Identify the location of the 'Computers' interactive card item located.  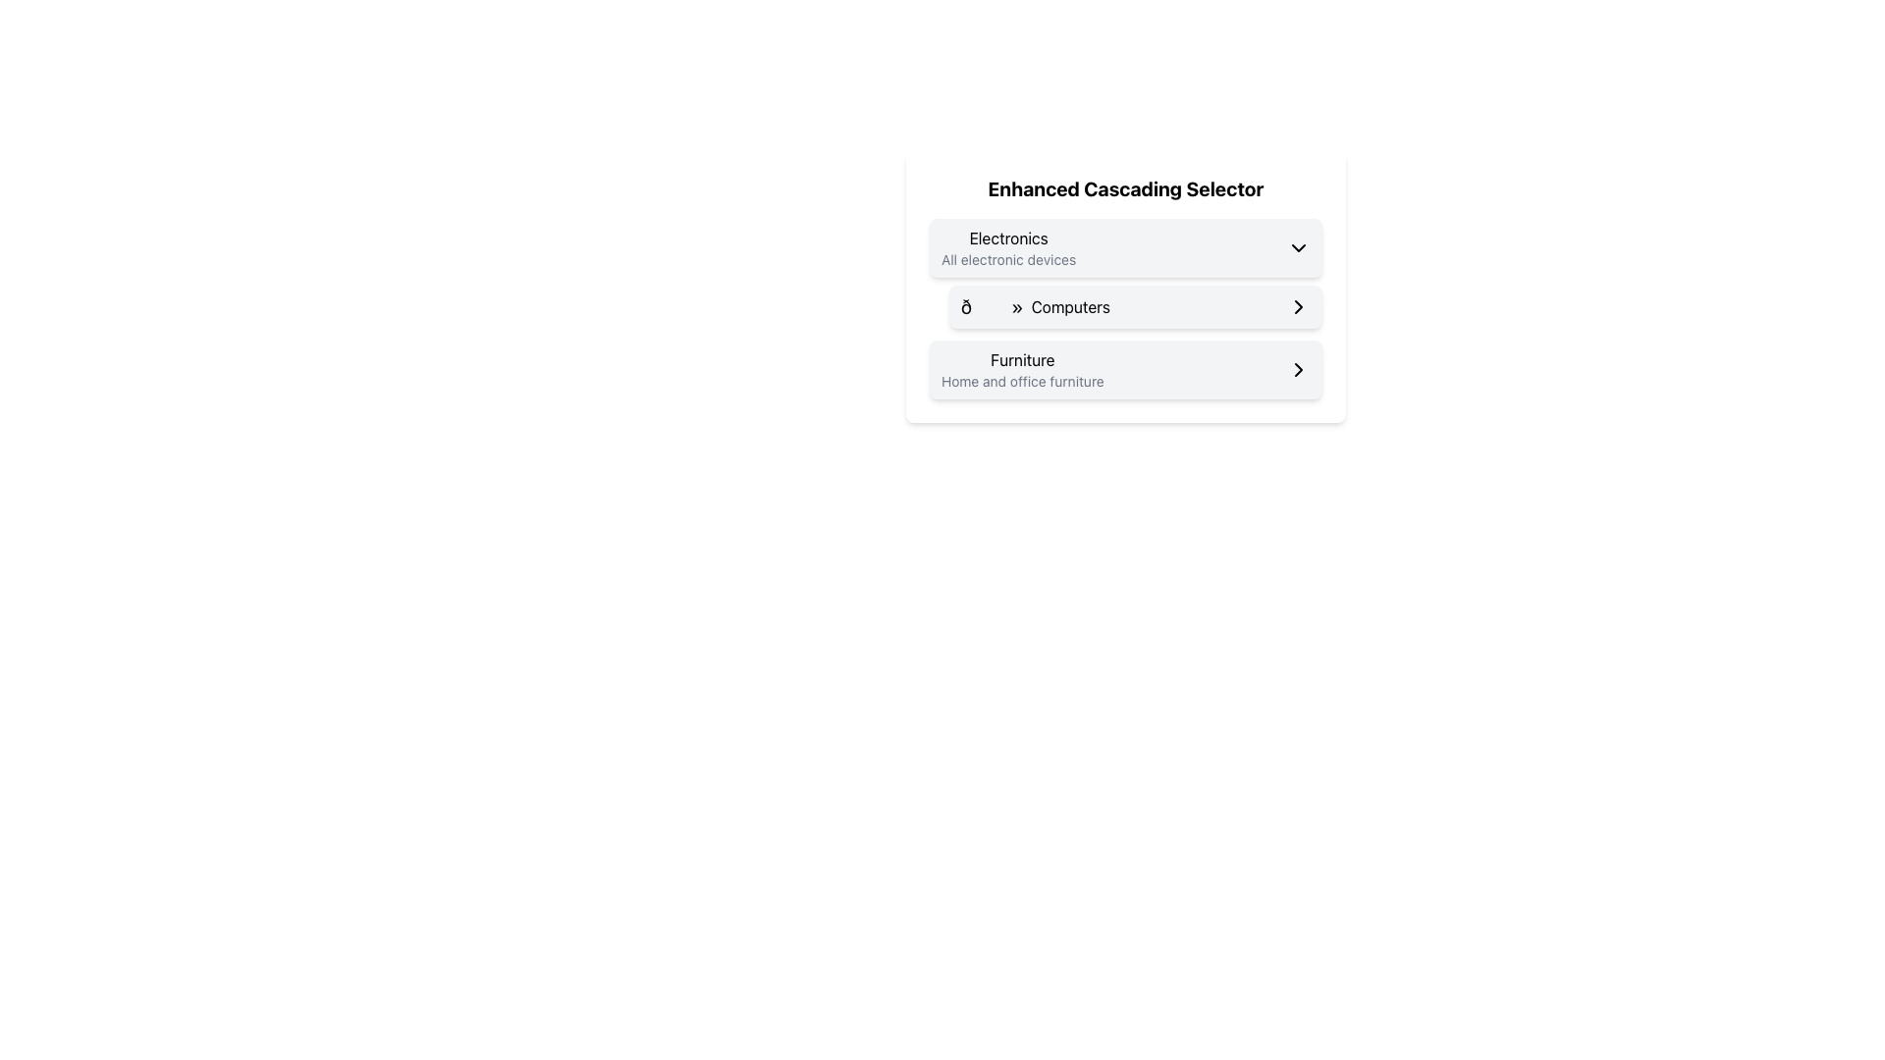
(1126, 288).